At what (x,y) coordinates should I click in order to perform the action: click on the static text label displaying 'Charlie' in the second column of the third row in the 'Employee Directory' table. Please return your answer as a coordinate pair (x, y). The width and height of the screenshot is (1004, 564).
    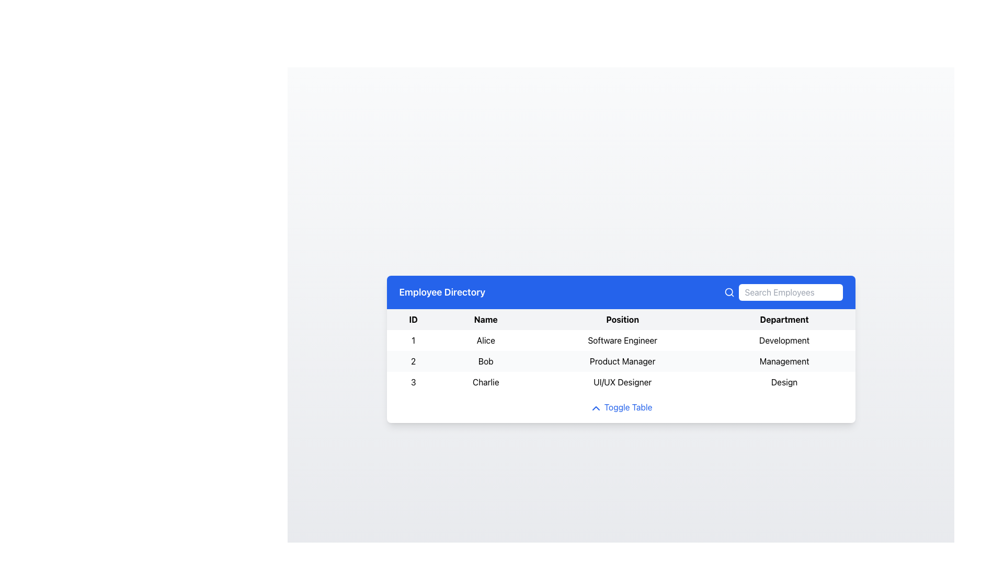
    Looking at the image, I should click on (485, 382).